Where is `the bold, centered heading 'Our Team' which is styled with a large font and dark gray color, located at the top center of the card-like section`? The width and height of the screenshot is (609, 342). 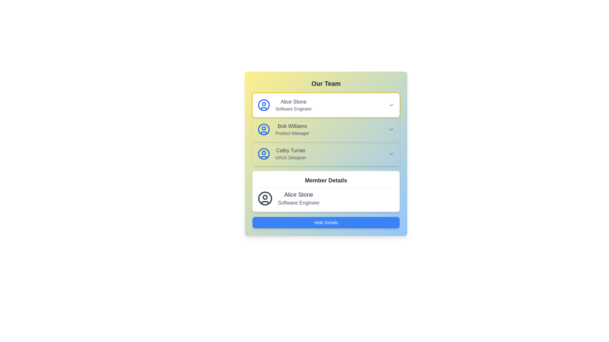
the bold, centered heading 'Our Team' which is styled with a large font and dark gray color, located at the top center of the card-like section is located at coordinates (326, 83).